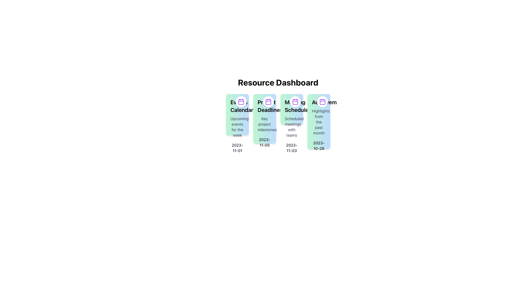 The width and height of the screenshot is (528, 297). Describe the element at coordinates (265, 106) in the screenshot. I see `text label 'Project Deadlines' which is styled in bold and larger font, located at the top of the card in the interface` at that location.